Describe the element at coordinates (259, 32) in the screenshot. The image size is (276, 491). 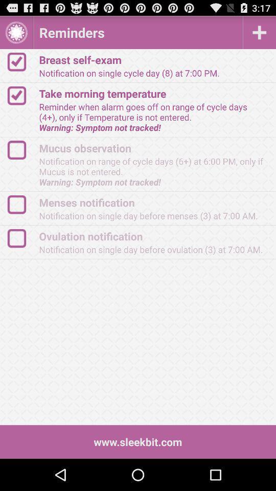
I see `option to add` at that location.